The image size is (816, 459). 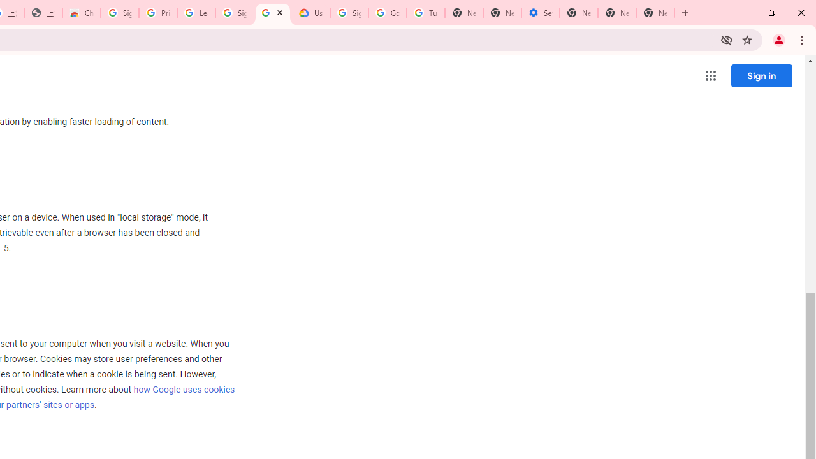 I want to click on 'Google Account Help', so click(x=387, y=13).